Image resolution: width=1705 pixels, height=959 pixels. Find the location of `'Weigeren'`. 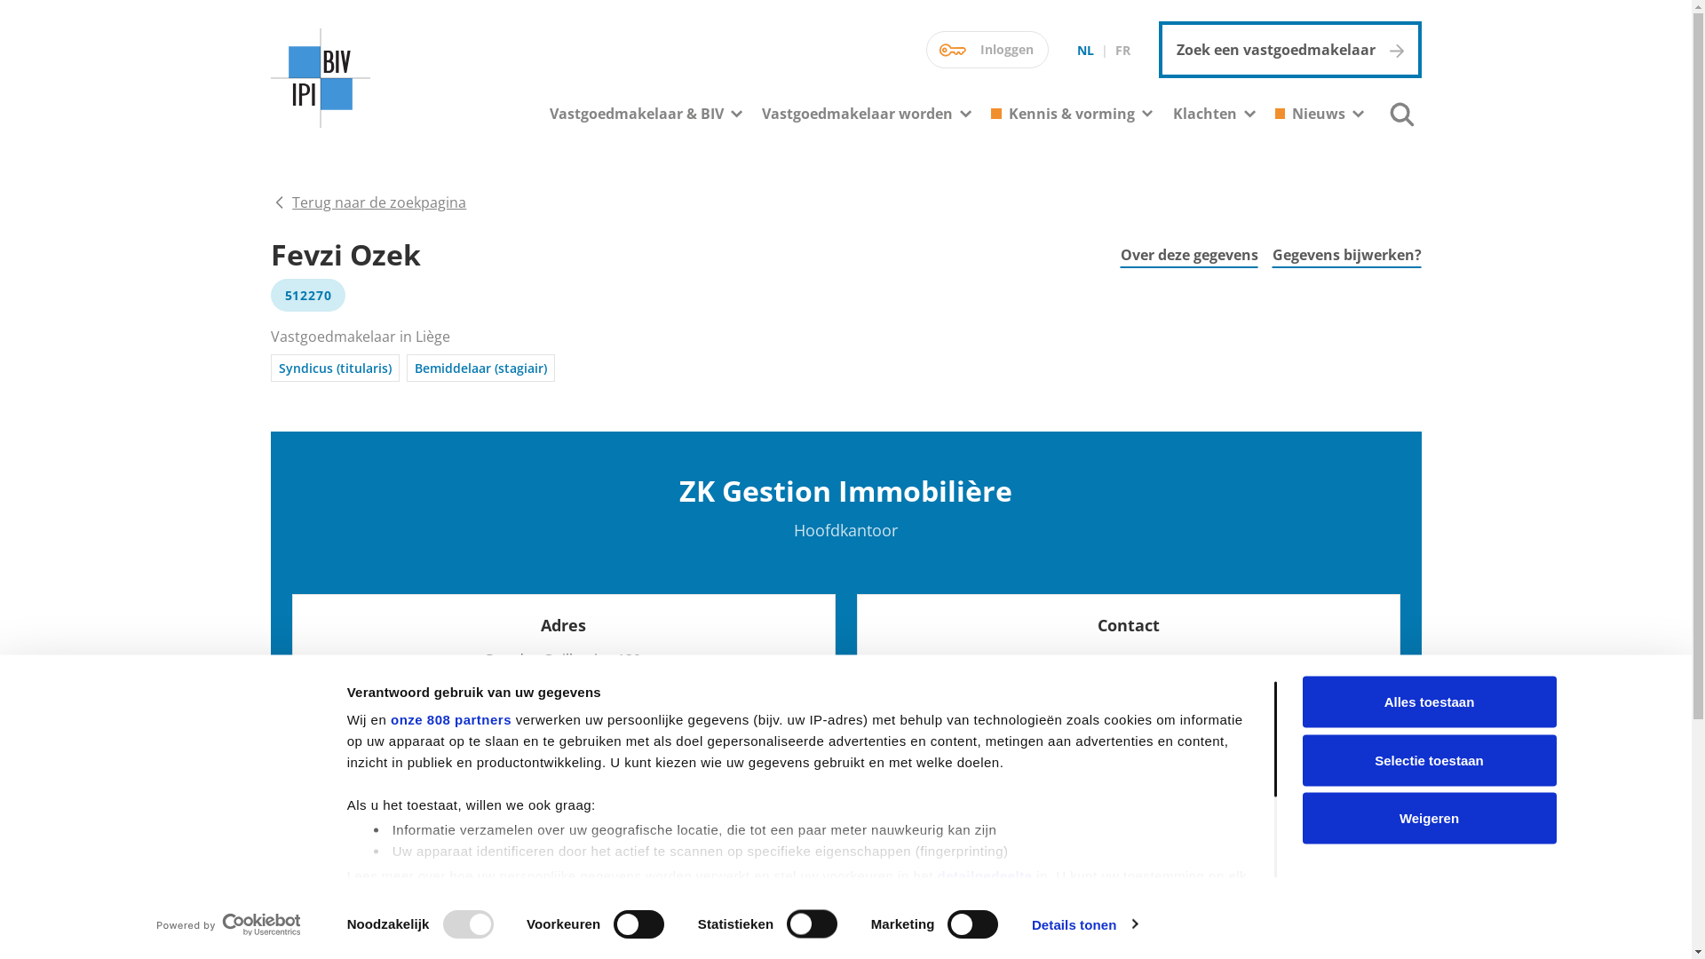

'Weigeren' is located at coordinates (1301, 818).